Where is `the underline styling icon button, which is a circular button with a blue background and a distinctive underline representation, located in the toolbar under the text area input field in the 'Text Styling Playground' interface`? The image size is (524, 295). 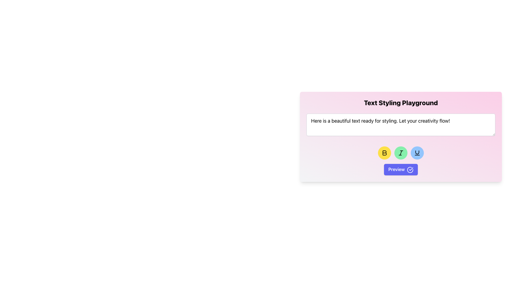 the underline styling icon button, which is a circular button with a blue background and a distinctive underline representation, located in the toolbar under the text area input field in the 'Text Styling Playground' interface is located at coordinates (417, 153).